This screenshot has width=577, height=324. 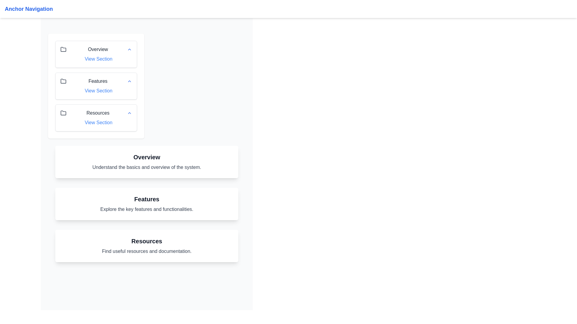 What do you see at coordinates (96, 122) in the screenshot?
I see `the third 'View Section' hyperlink in the 'Resources' group at the bottom of the menu` at bounding box center [96, 122].